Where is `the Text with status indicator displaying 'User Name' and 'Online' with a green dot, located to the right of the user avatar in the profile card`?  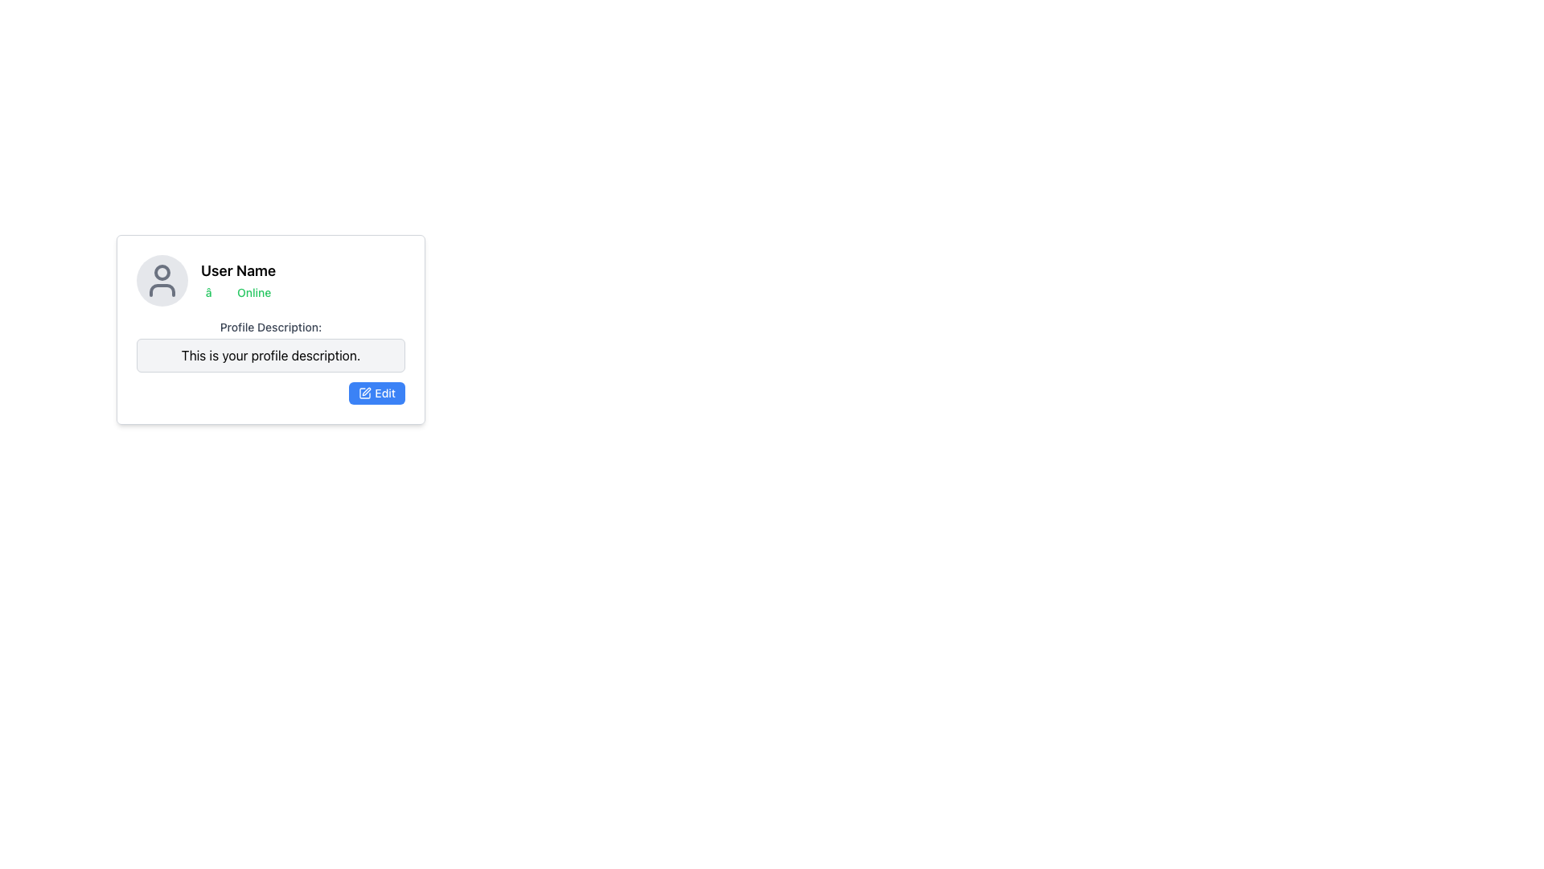 the Text with status indicator displaying 'User Name' and 'Online' with a green dot, located to the right of the user avatar in the profile card is located at coordinates (237, 279).